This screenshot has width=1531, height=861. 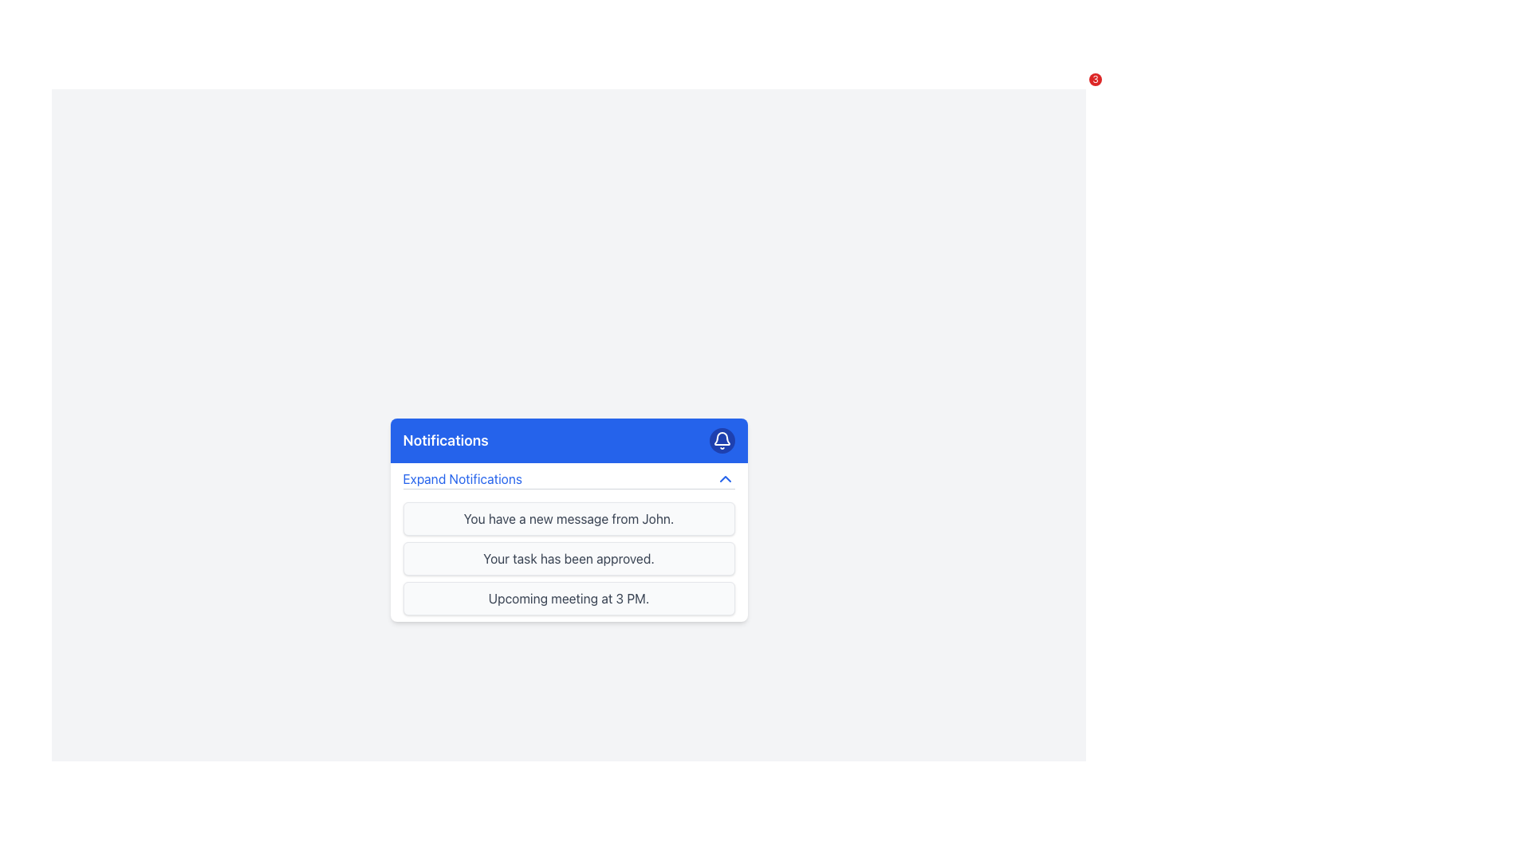 What do you see at coordinates (1094, 80) in the screenshot?
I see `the notification badge located at the top-right corner of the bell icon, which indicates the count of unread notifications` at bounding box center [1094, 80].